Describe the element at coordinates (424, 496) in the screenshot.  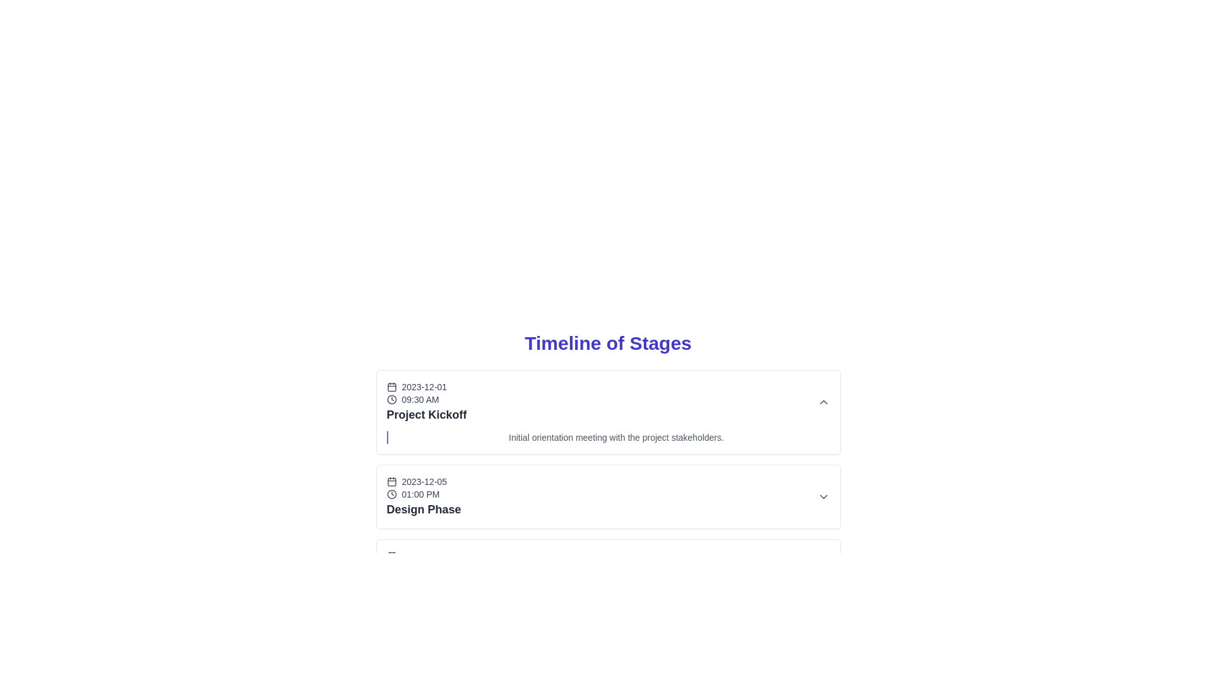
I see `the 'Design Phase' timeline item located below the 'Project Kickoff' entry, identified by the date '2023-12-05' and time '01:00 PM'` at that location.